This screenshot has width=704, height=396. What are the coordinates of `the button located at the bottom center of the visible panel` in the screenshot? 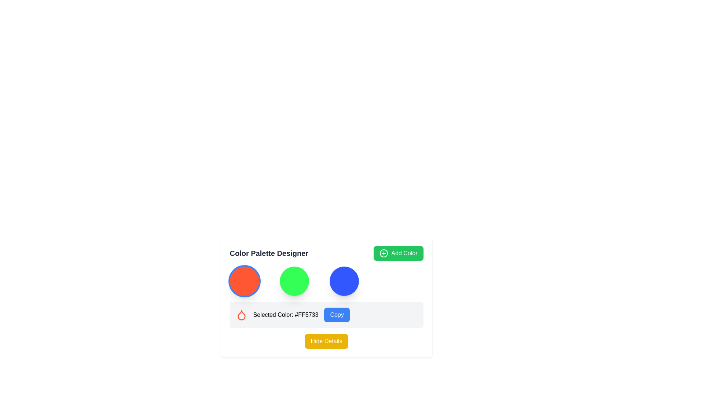 It's located at (326, 341).